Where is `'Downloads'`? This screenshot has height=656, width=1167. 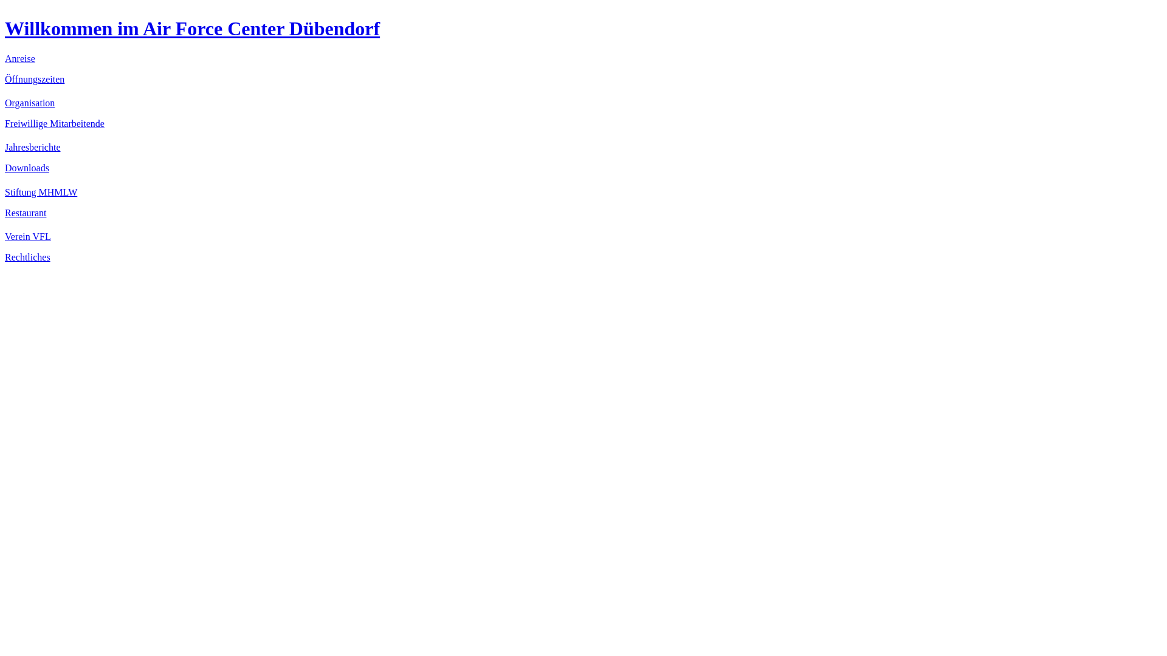
'Downloads' is located at coordinates (27, 168).